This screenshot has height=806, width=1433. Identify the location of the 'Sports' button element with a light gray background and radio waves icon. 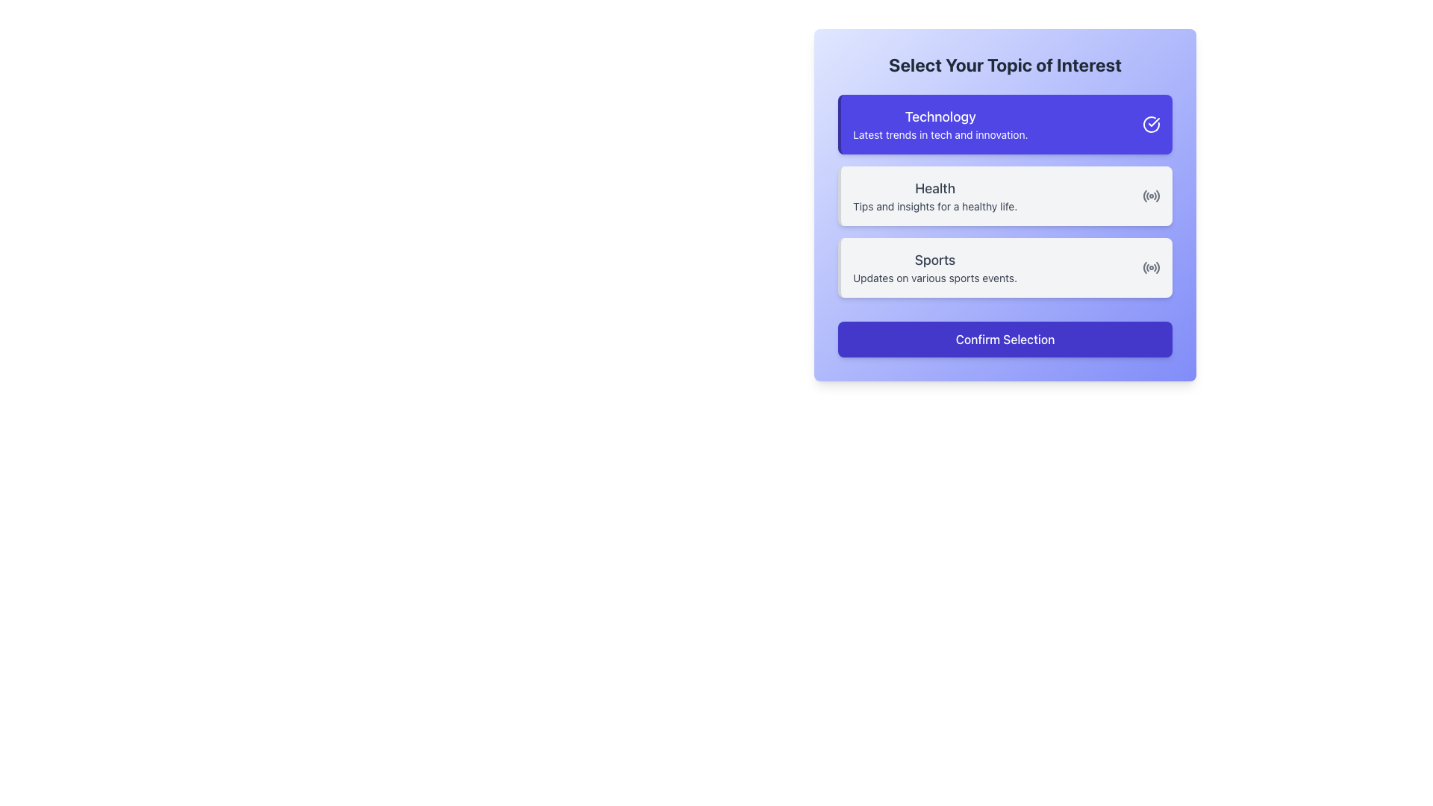
(1005, 266).